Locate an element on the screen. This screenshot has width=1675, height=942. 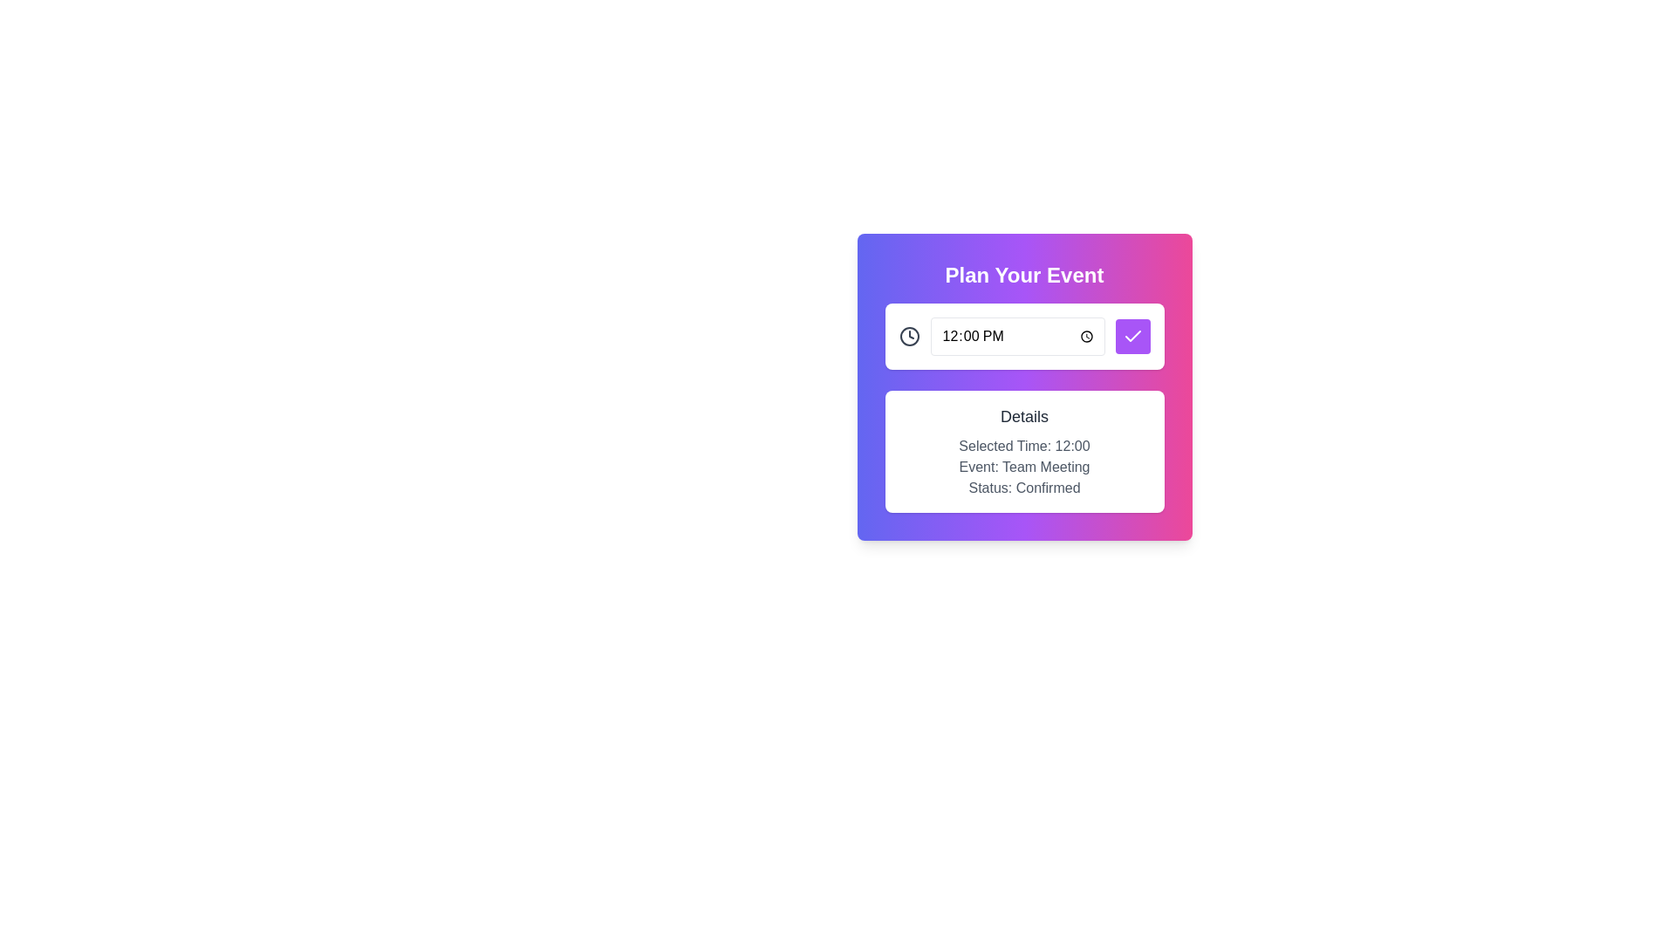
the clock icon located on the left side of the time input field for context is located at coordinates (908, 336).